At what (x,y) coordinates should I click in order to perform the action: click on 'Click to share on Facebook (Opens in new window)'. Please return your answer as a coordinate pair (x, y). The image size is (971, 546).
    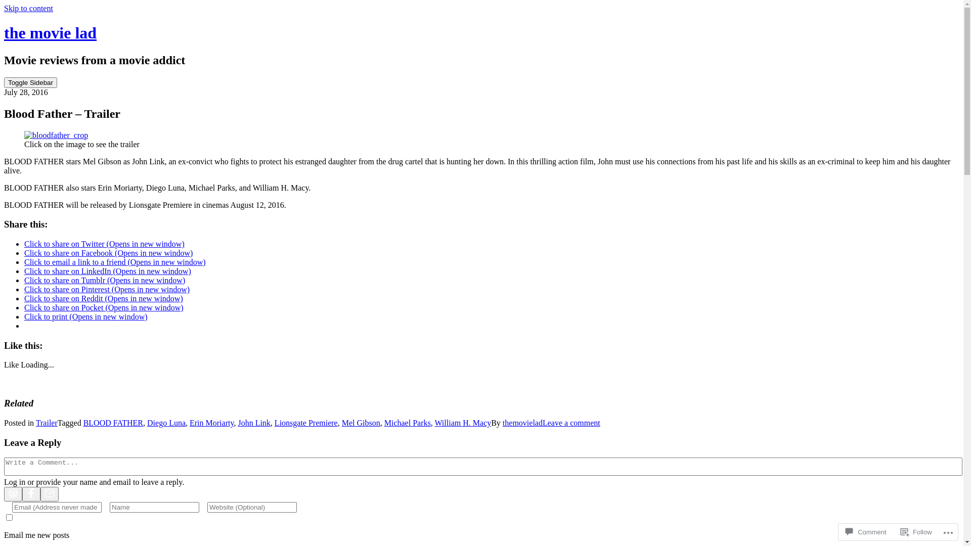
    Looking at the image, I should click on (108, 252).